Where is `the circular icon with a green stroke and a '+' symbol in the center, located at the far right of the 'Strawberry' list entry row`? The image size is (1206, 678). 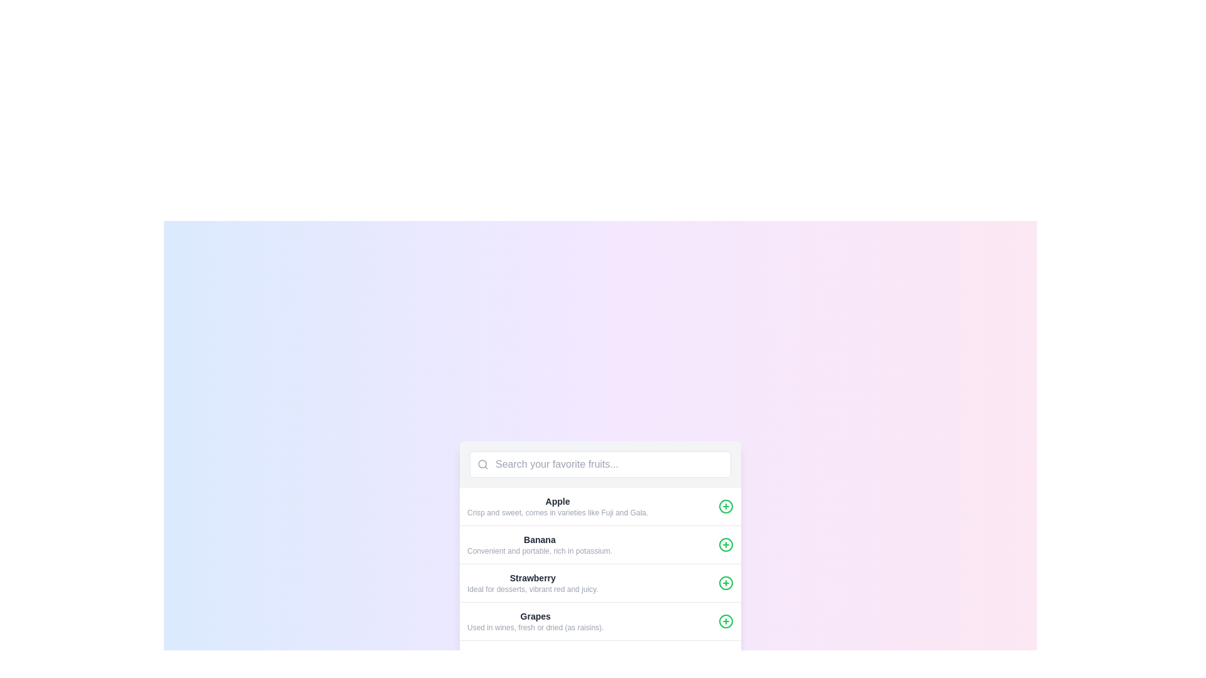 the circular icon with a green stroke and a '+' symbol in the center, located at the far right of the 'Strawberry' list entry row is located at coordinates (726, 583).